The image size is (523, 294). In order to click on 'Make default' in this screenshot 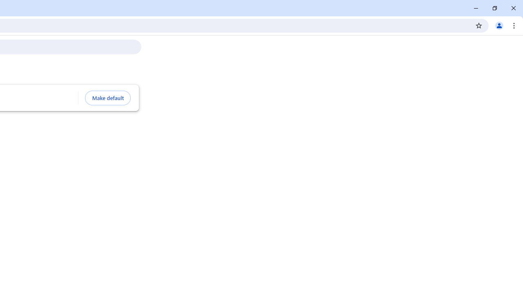, I will do `click(107, 98)`.